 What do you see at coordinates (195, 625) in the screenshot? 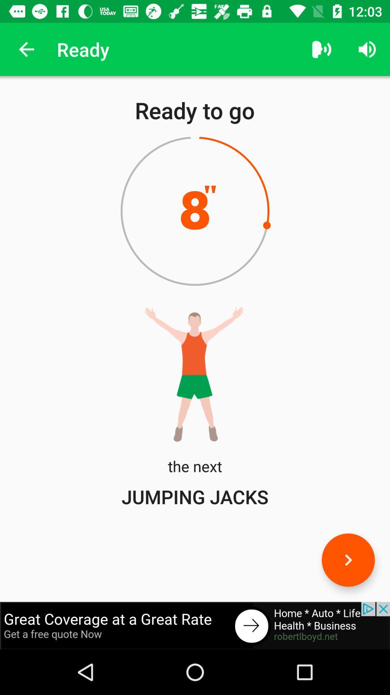
I see `open advertisement` at bounding box center [195, 625].